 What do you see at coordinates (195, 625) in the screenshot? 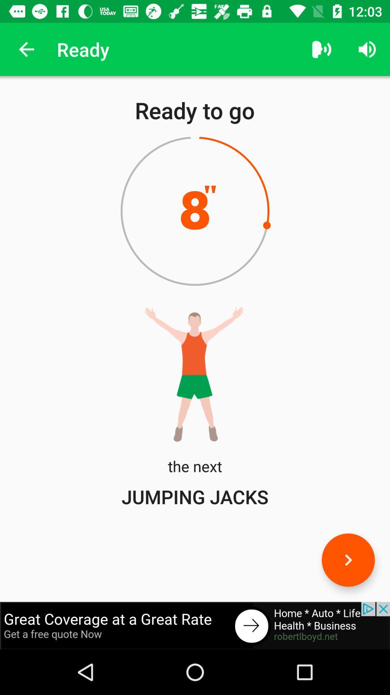
I see `open advertisement` at bounding box center [195, 625].